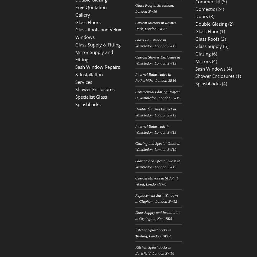 This screenshot has height=257, width=257. Describe the element at coordinates (153, 233) in the screenshot. I see `'Kitchen Splashbacks in Tooting, London SW17'` at that location.